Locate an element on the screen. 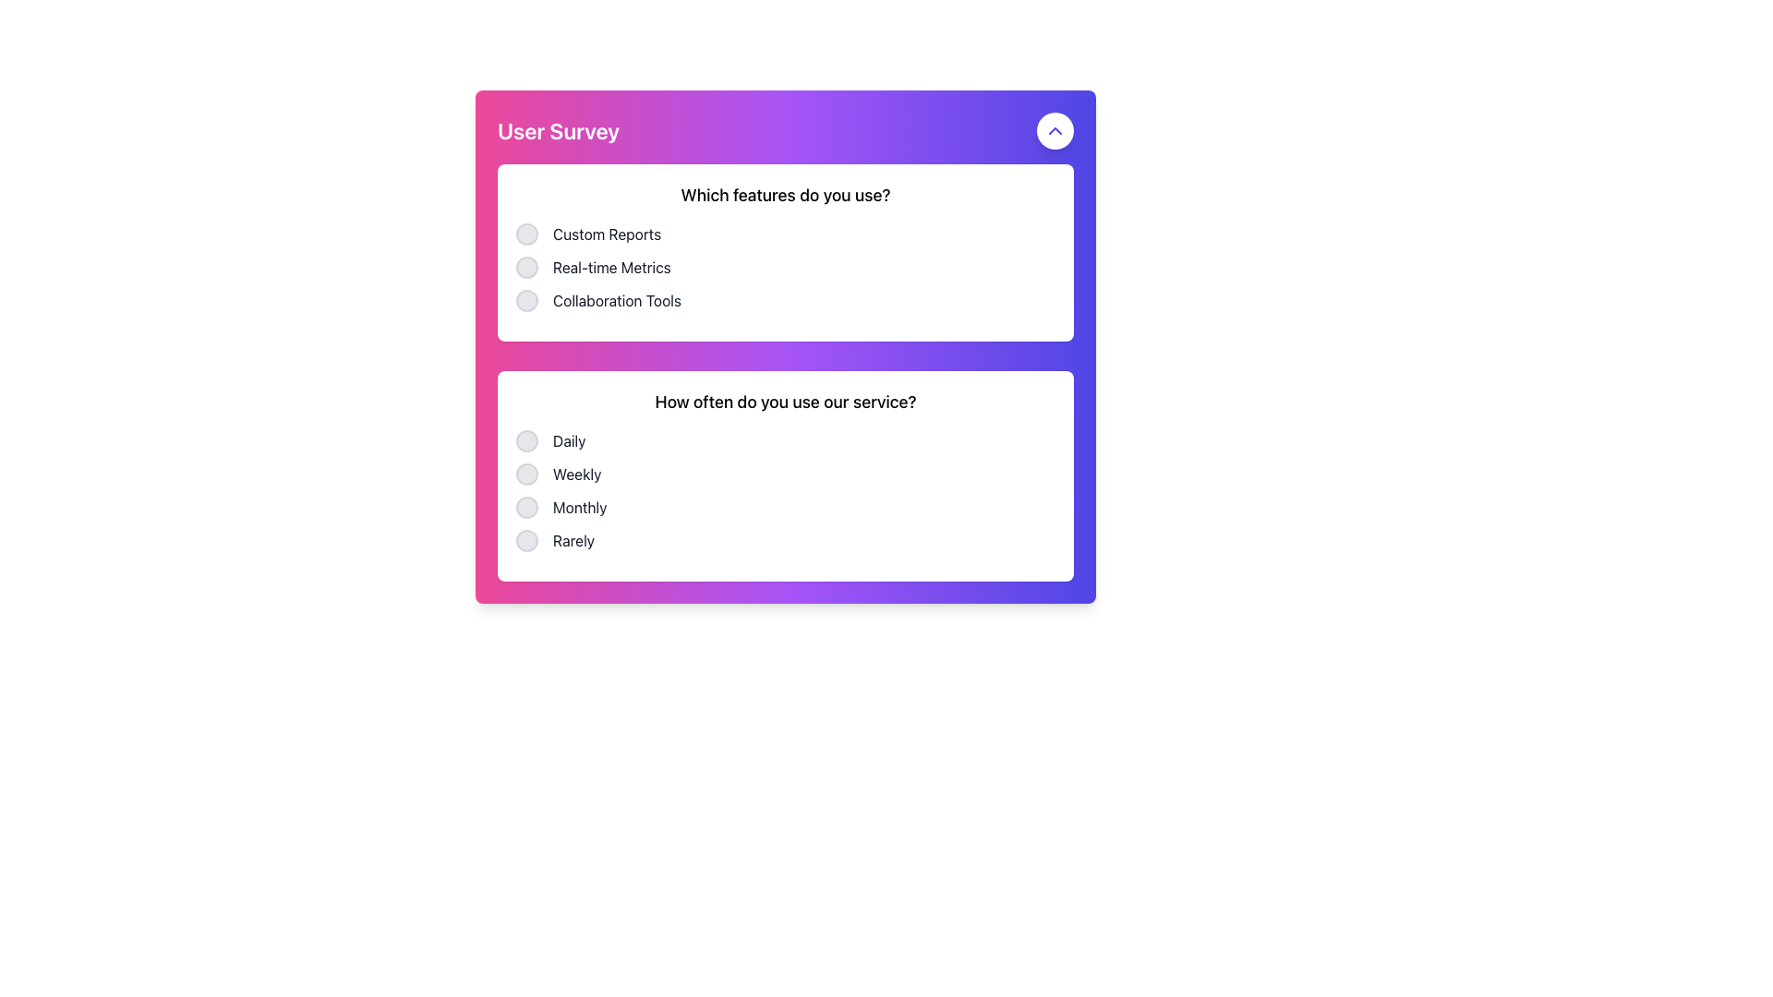 This screenshot has width=1773, height=997. the radio button labeled 'Rarely' by clicking on it, which is styled with a light gray background and located next to its text label in a vertical list of options is located at coordinates (526, 540).